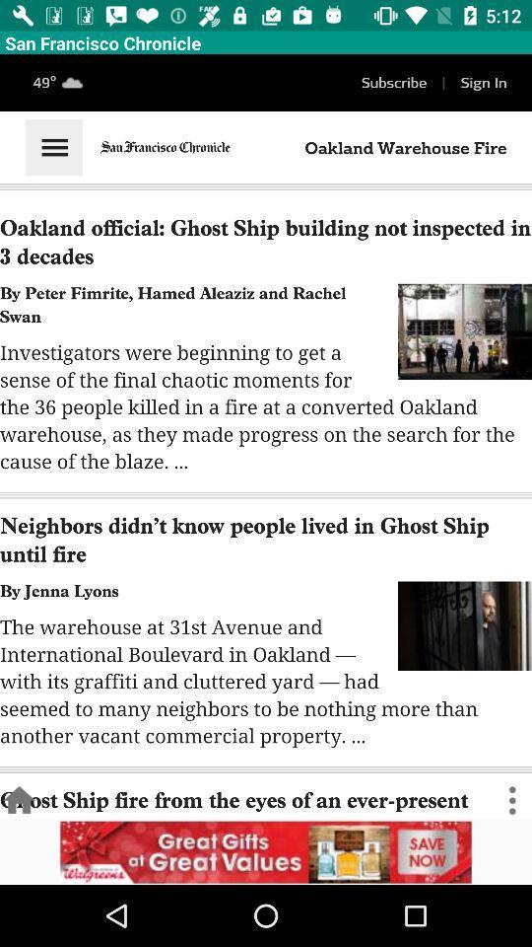 This screenshot has width=532, height=947. Describe the element at coordinates (18, 800) in the screenshot. I see `go back` at that location.